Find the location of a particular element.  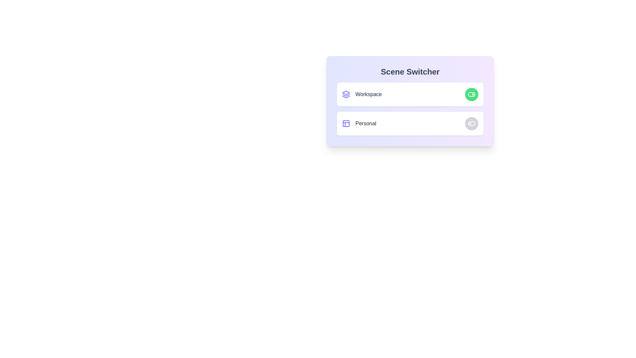

the 'Workspace' text label with supporting icon, which is styled in dark color and positioned adjacent to a blue accented multi-layered stack icon, located in the first card of the interface is located at coordinates (361, 94).